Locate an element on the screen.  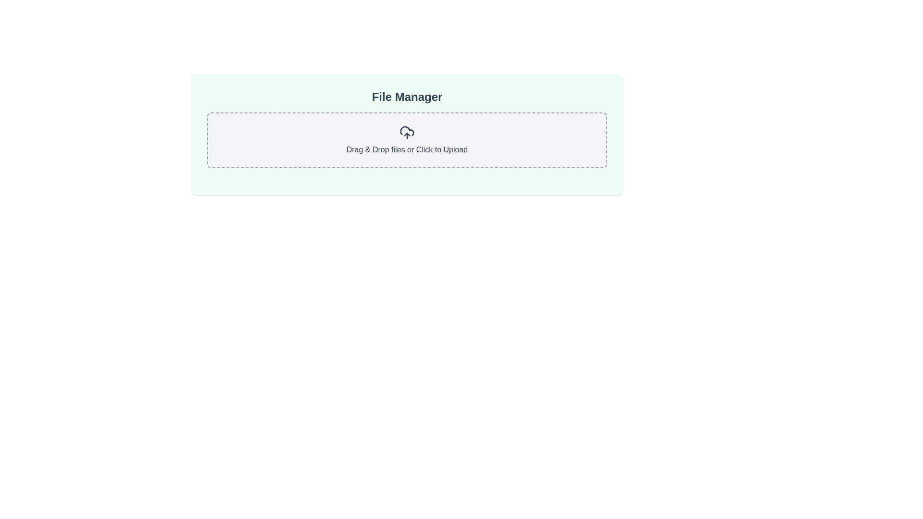
the cloud-shaped icon with an upward arrow, styled in a thin, modern vector design, located above the text 'Drag & Drop files or Click to Upload' is located at coordinates (407, 133).